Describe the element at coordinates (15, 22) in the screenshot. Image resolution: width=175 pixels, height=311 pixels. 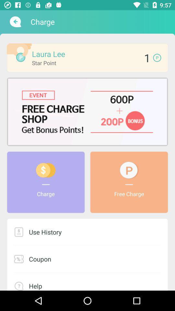
I see `previous` at that location.